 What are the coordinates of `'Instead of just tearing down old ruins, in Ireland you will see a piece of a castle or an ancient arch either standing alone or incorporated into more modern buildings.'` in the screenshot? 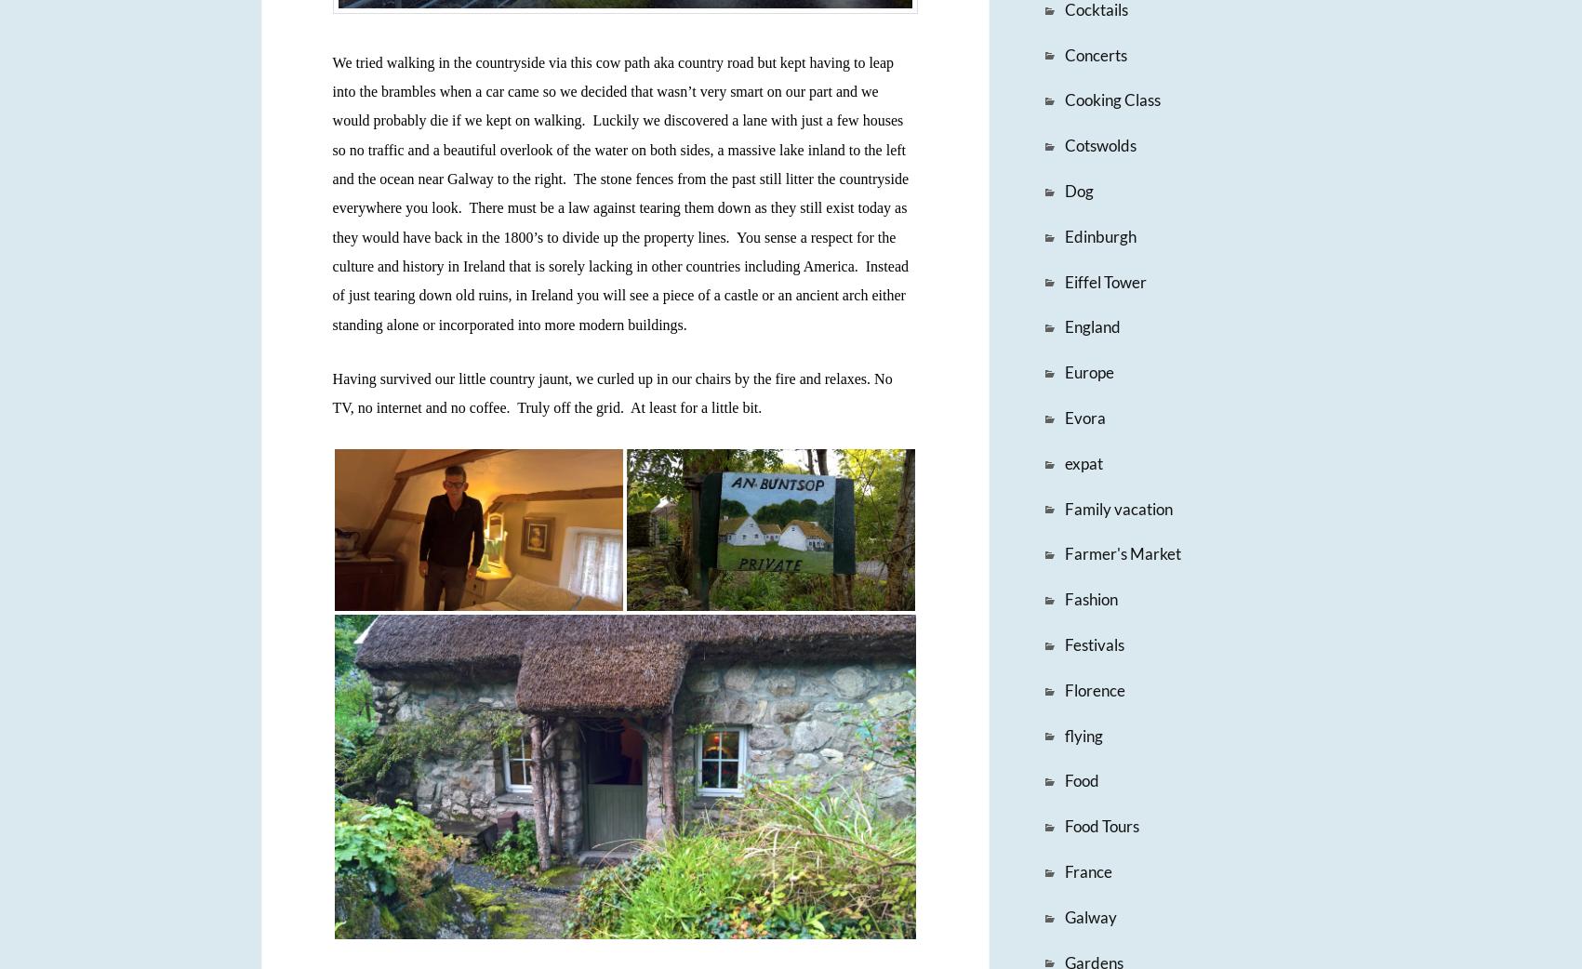 It's located at (618, 295).